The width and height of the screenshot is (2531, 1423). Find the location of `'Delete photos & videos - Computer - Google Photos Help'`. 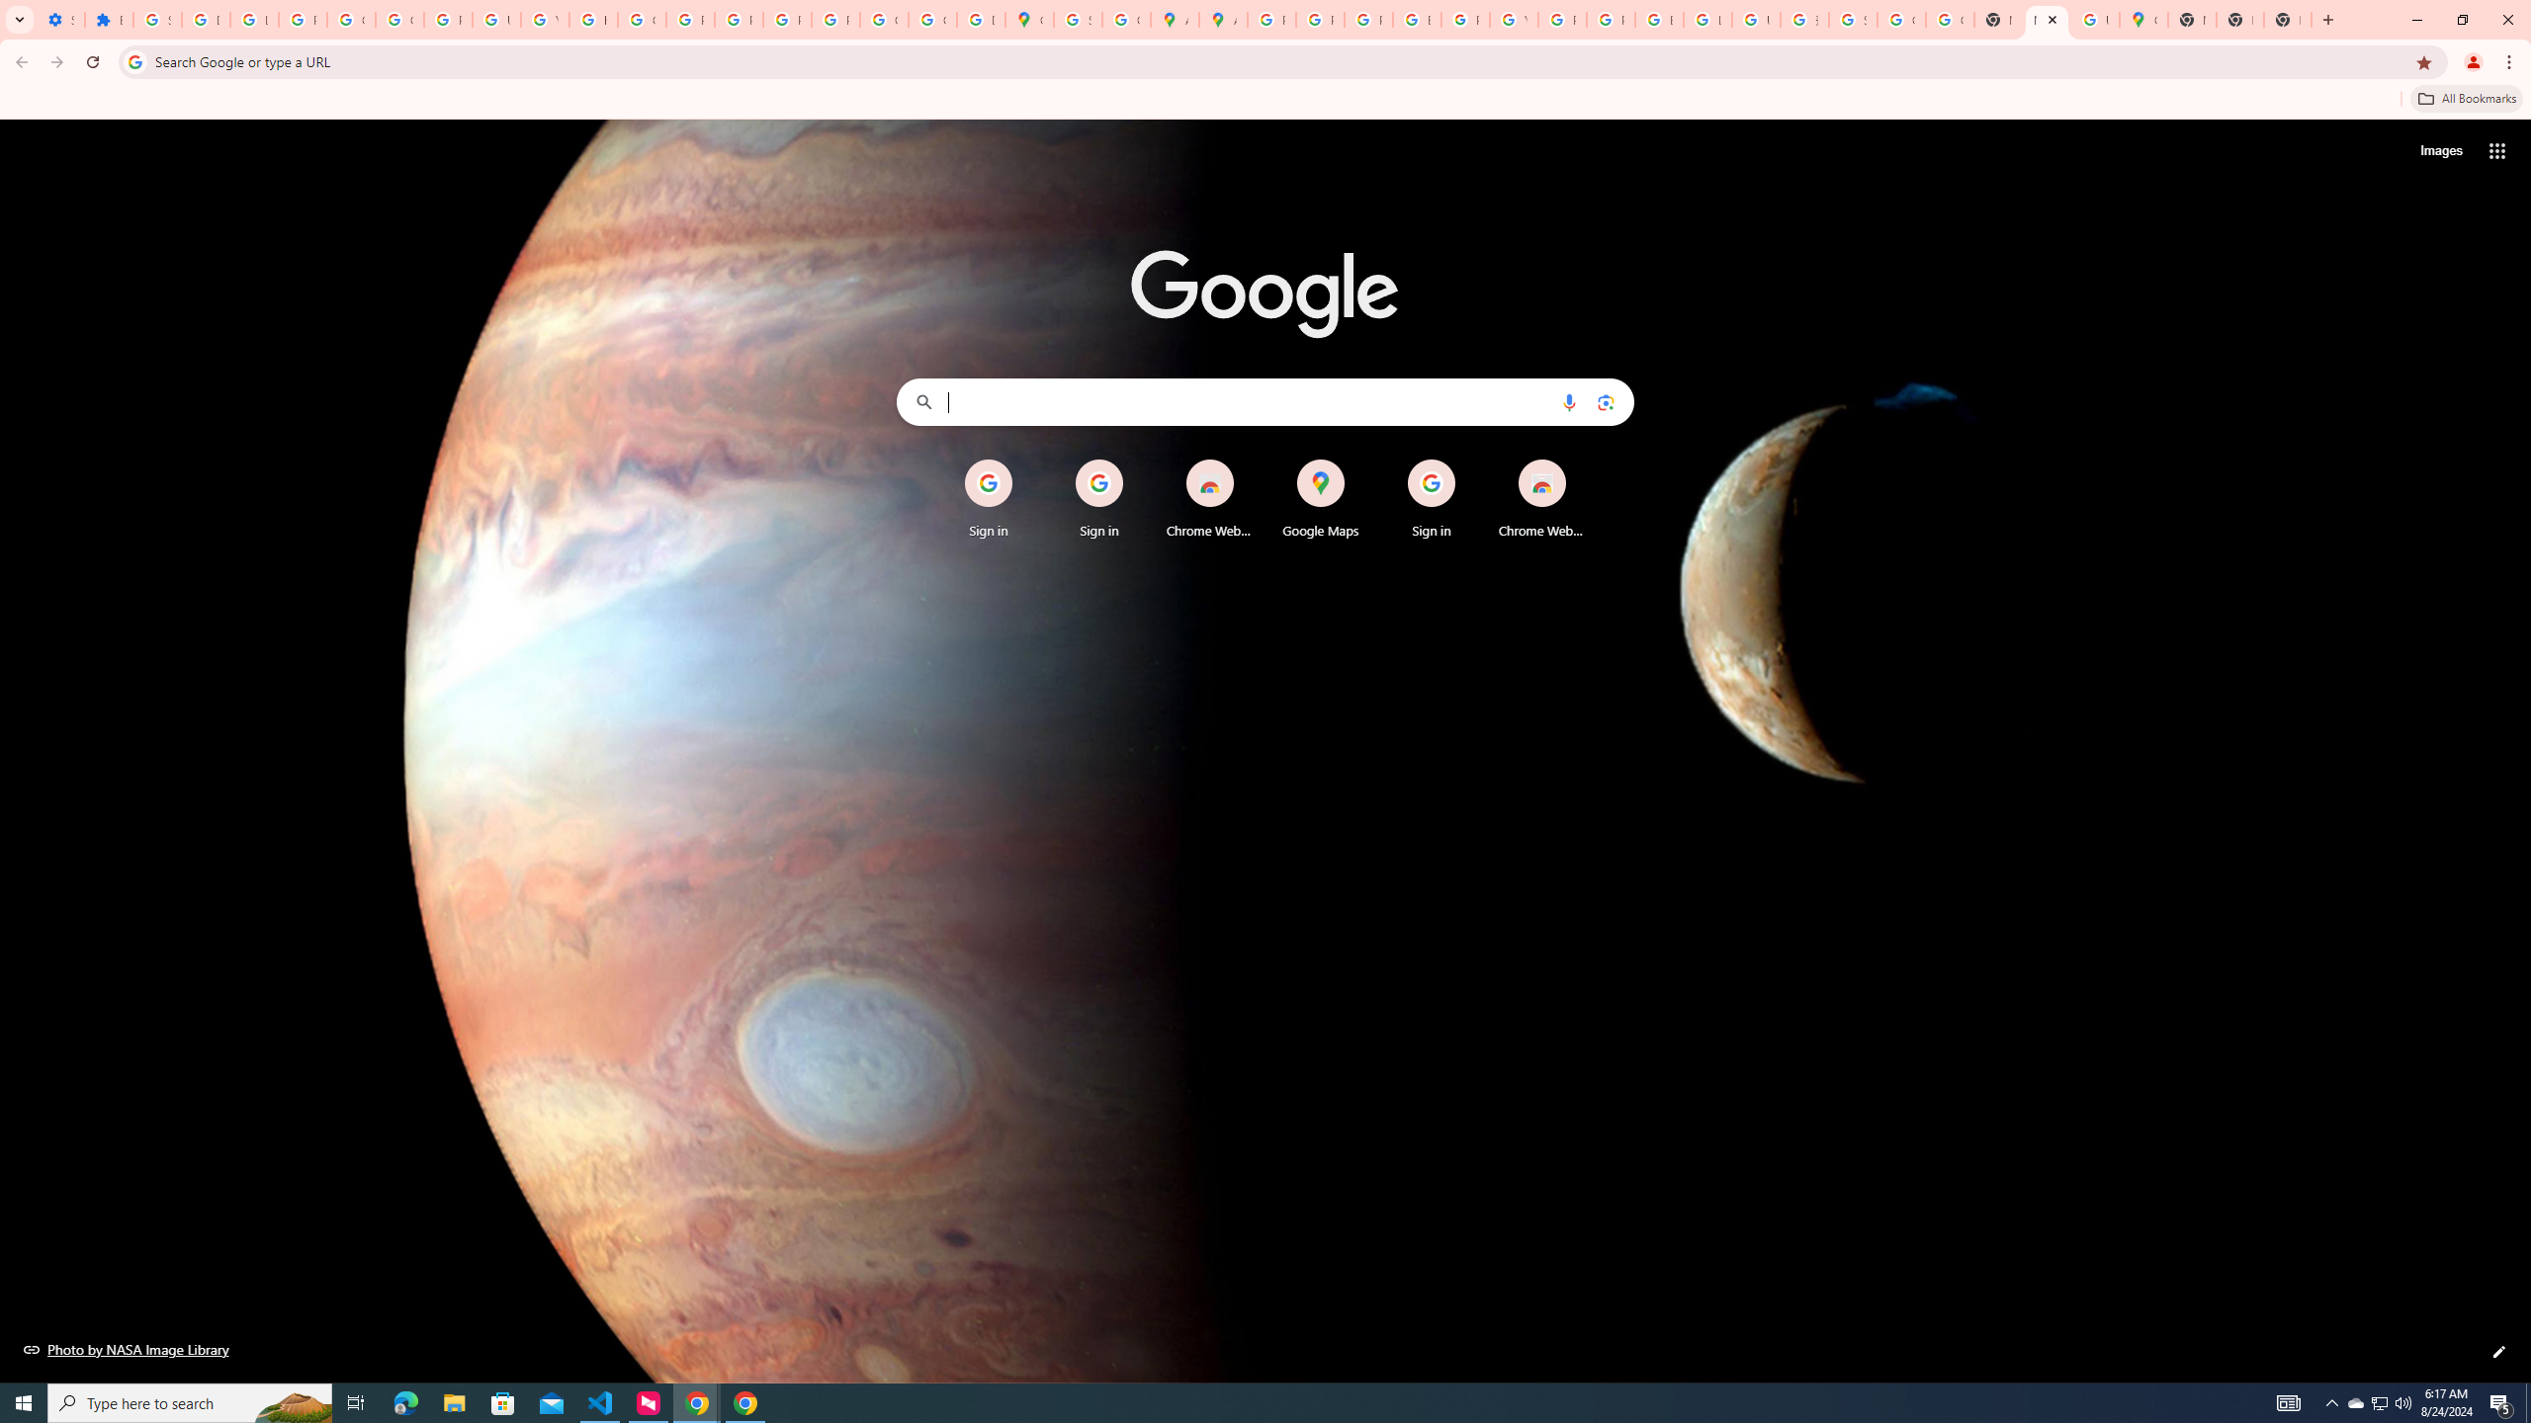

'Delete photos & videos - Computer - Google Photos Help' is located at coordinates (205, 19).